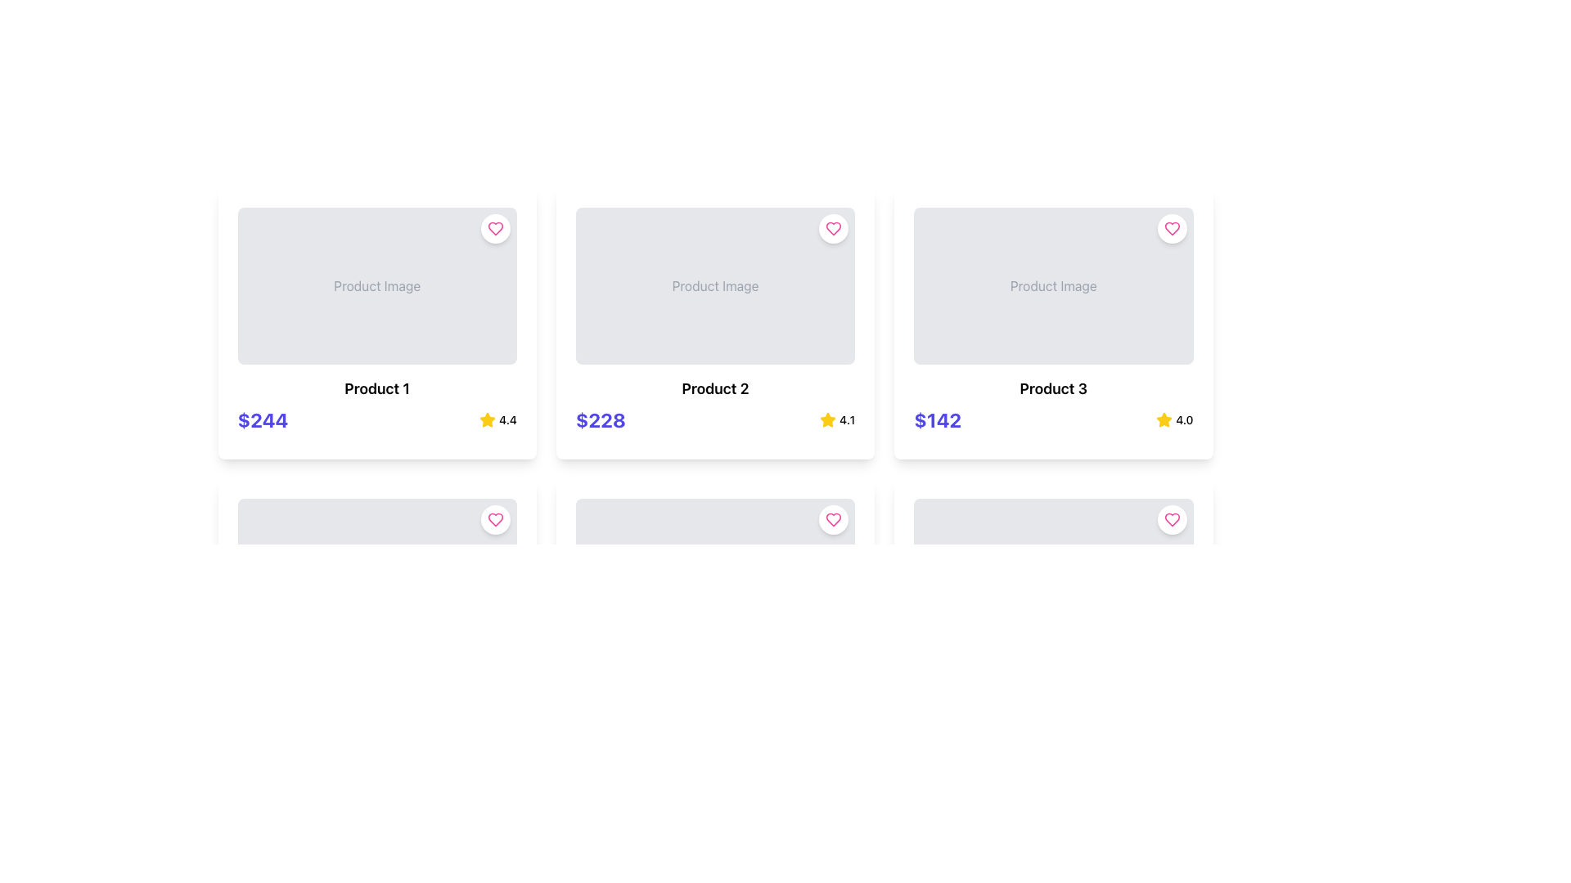 The image size is (1571, 883). Describe the element at coordinates (847, 419) in the screenshot. I see `the text label displaying the rating '4.1', which is positioned to the right of a yellow star icon in the bottom-right corner of the card for 'Product 2'` at that location.